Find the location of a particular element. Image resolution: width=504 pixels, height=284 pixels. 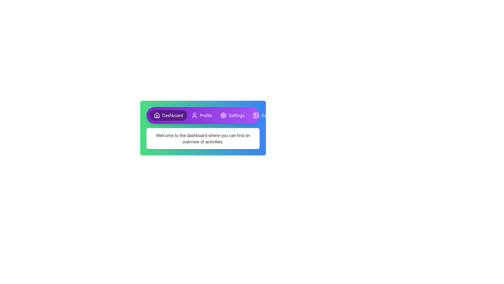

the Text Label located in the top-left corner of the navbar, adjacent to the house icon is located at coordinates (172, 115).